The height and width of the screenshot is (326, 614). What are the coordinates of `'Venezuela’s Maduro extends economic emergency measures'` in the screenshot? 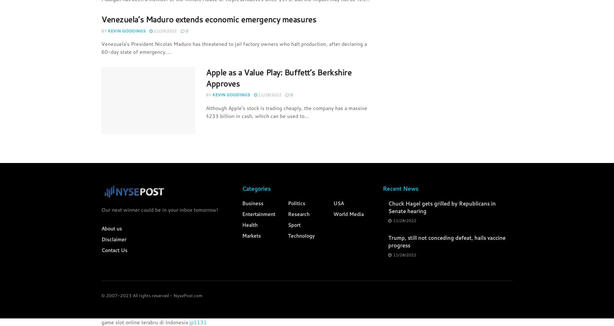 It's located at (209, 18).